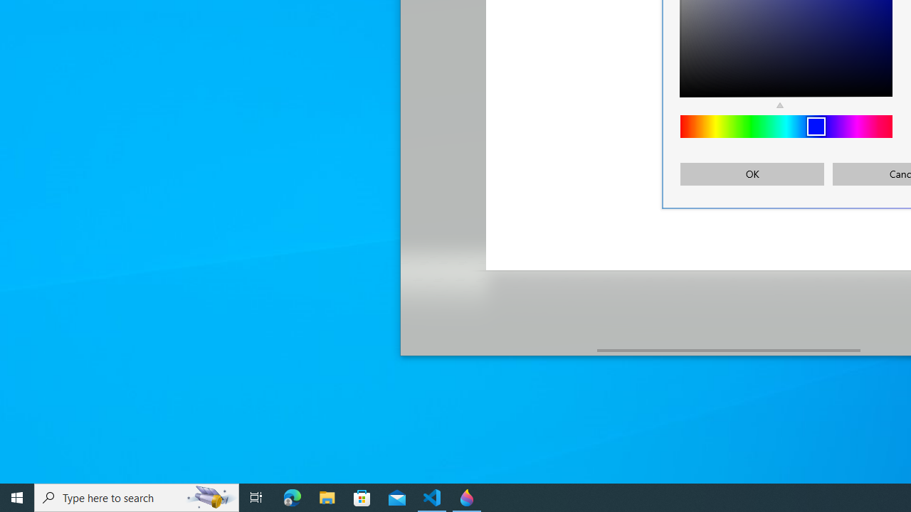 The width and height of the screenshot is (911, 512). I want to click on 'Search highlights icon opens search home window', so click(209, 496).